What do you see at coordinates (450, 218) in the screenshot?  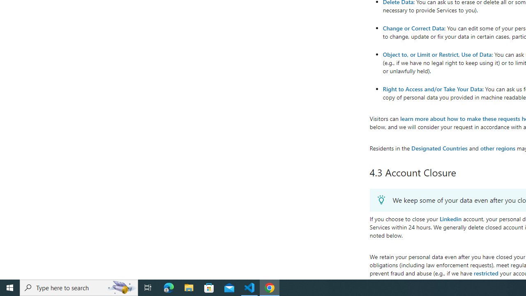 I see `'Linkedin'` at bounding box center [450, 218].